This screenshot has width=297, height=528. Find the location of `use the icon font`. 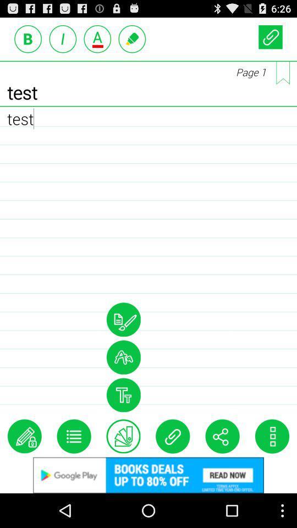

use the icon font is located at coordinates (123, 395).